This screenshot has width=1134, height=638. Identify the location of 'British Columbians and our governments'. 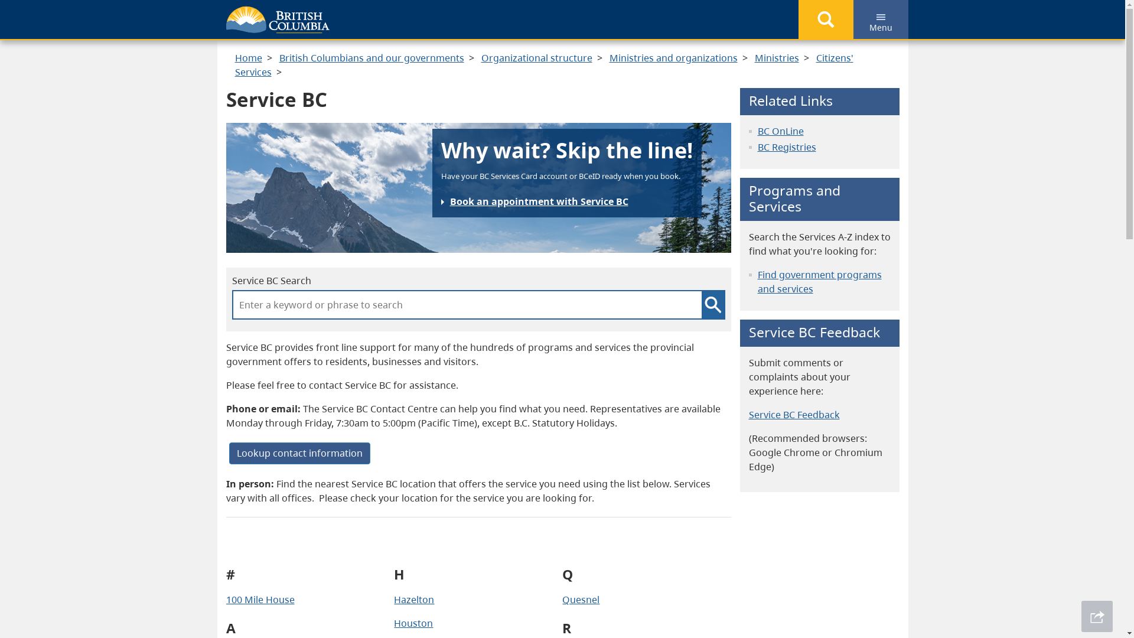
(370, 57).